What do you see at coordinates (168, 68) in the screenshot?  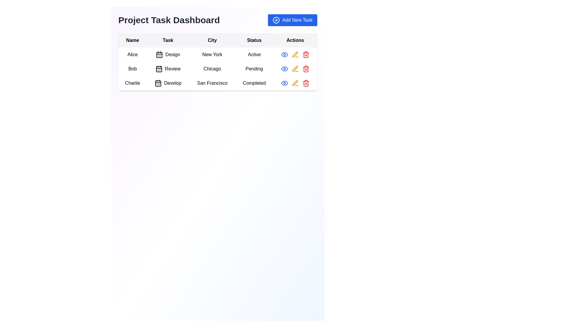 I see `the informational display component for the task 'Review' associated with user 'Bob', located in the second cell of the task table's second row` at bounding box center [168, 68].